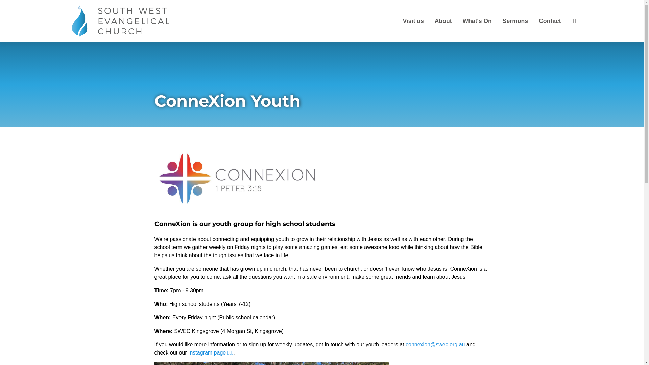 The width and height of the screenshot is (649, 365). What do you see at coordinates (443, 20) in the screenshot?
I see `'About'` at bounding box center [443, 20].